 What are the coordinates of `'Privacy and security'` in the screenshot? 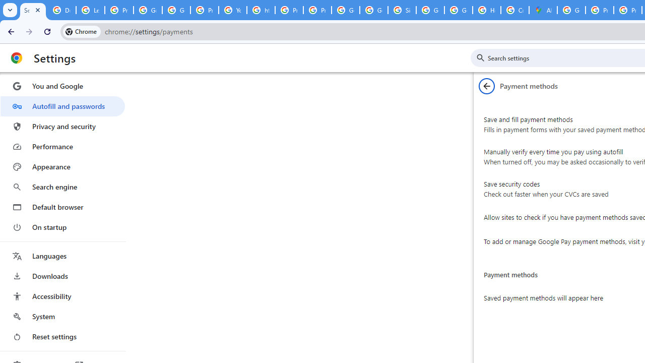 It's located at (62, 126).